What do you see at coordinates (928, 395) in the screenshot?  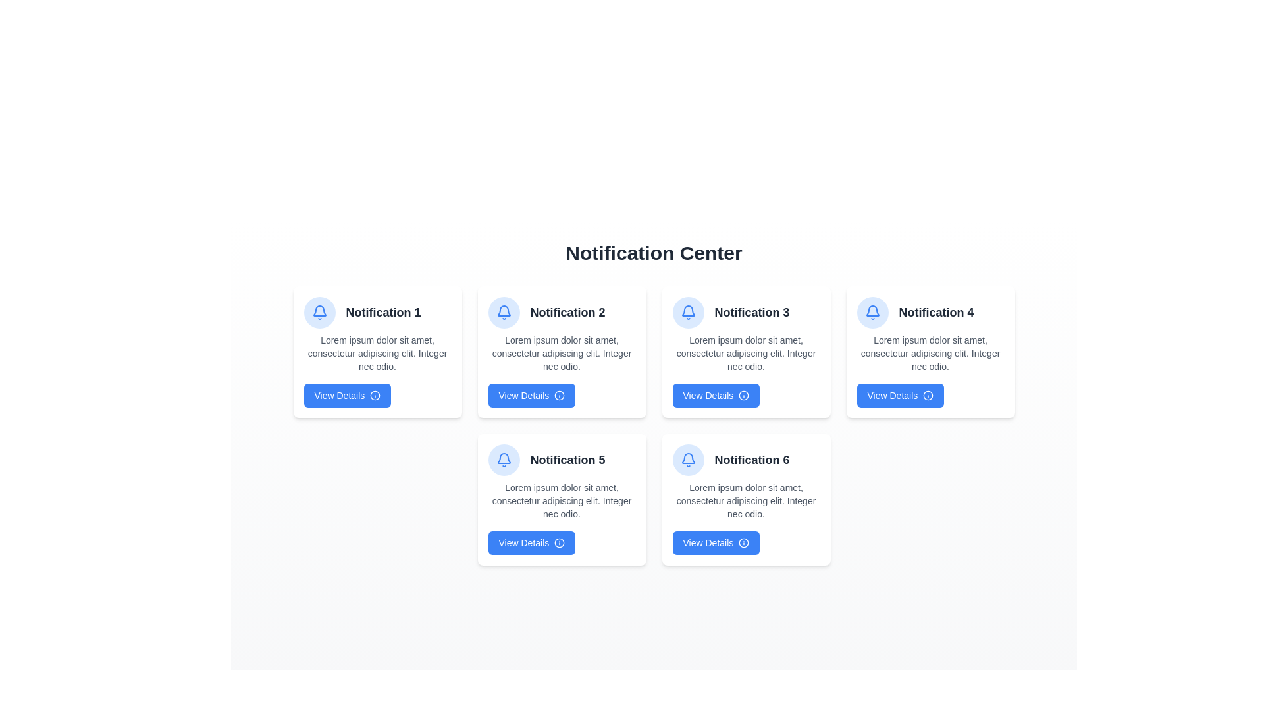 I see `the small circular information icon with a blue stroke and white background located within the 'View Details' button of the notification card labeled 'Notification 4'` at bounding box center [928, 395].